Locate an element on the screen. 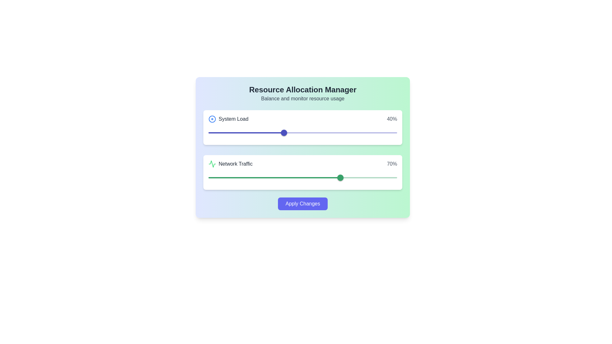 The height and width of the screenshot is (344, 612). network traffic is located at coordinates (248, 178).